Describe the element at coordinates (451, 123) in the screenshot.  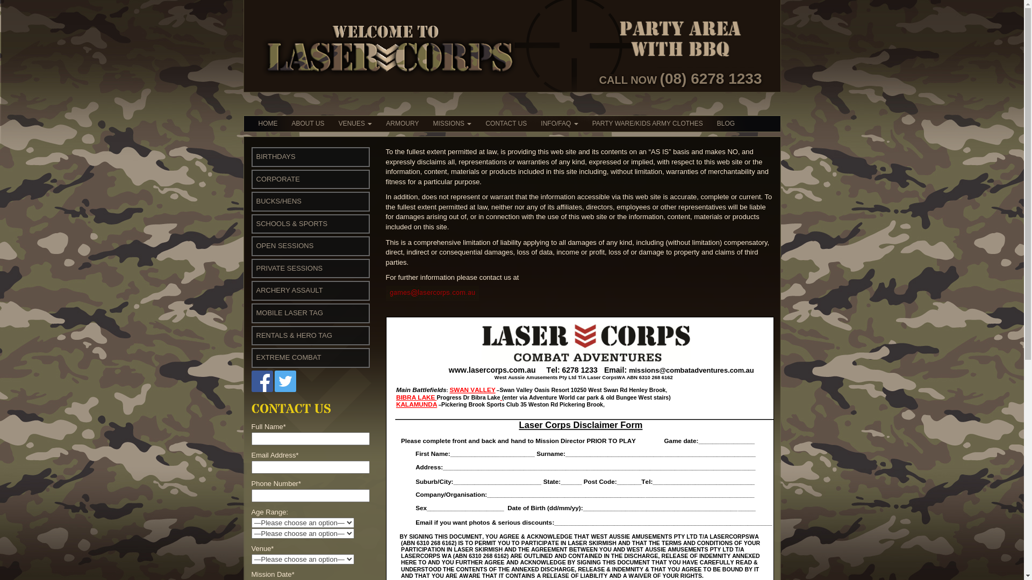
I see `'MISSIONS'` at that location.